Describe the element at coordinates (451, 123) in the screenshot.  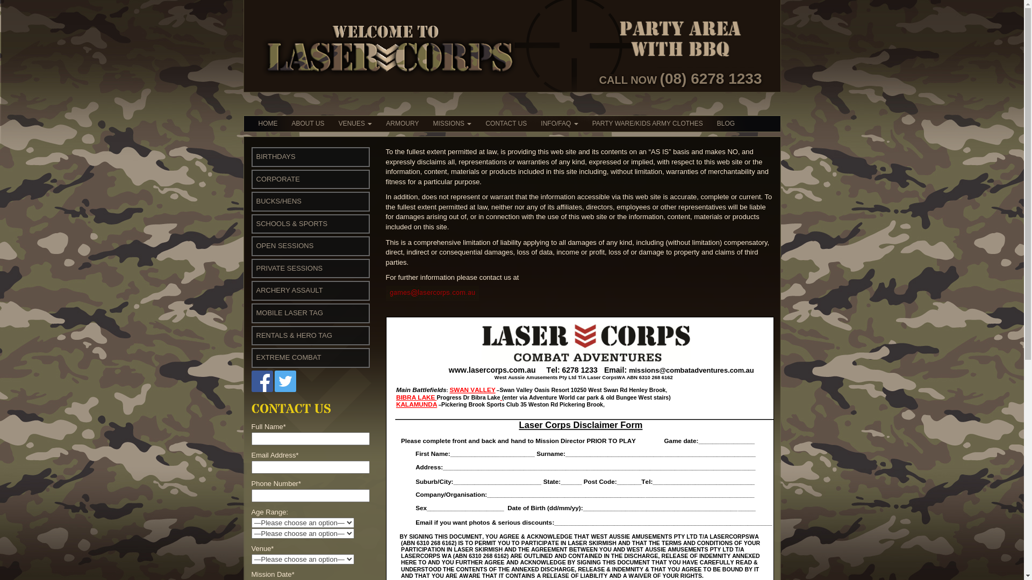
I see `'MISSIONS'` at that location.